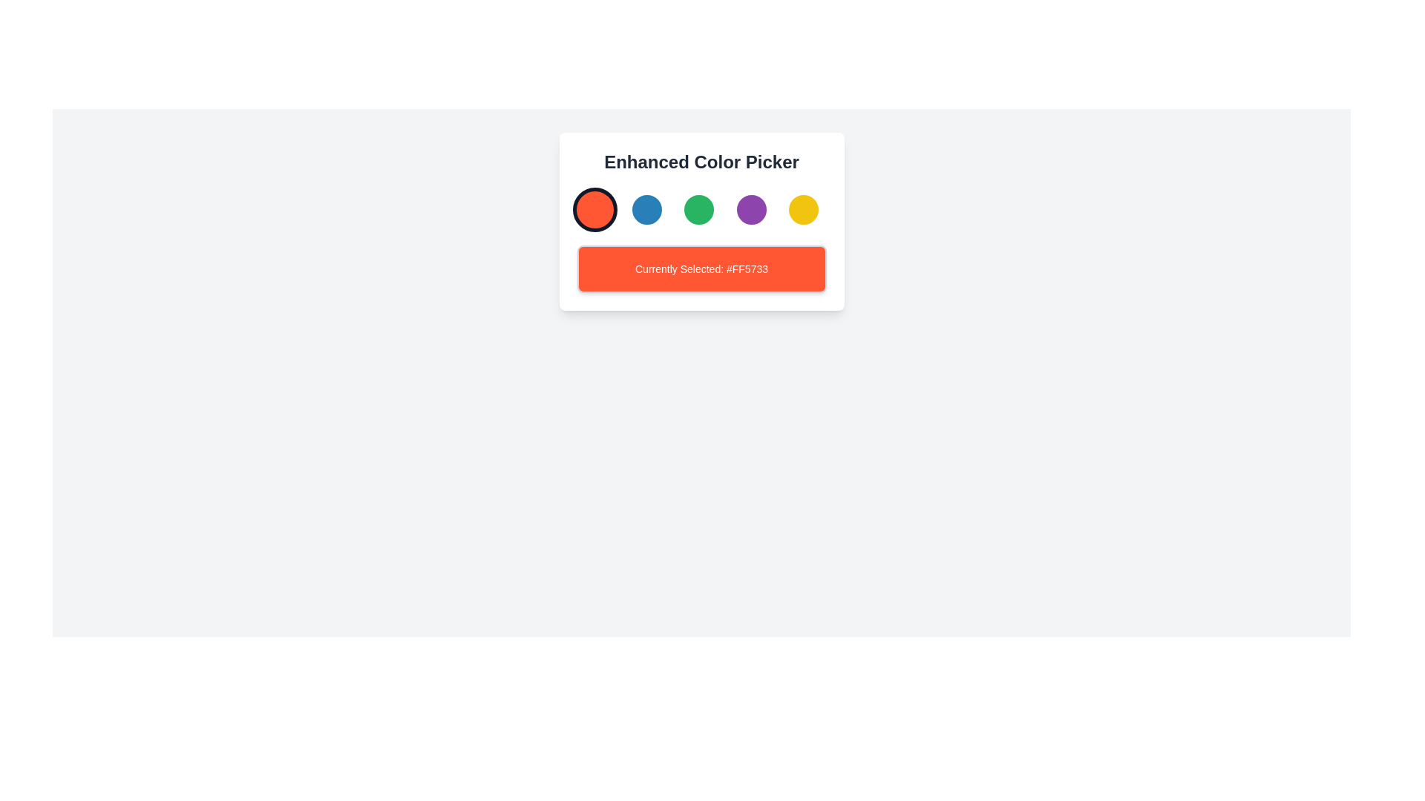  Describe the element at coordinates (701, 209) in the screenshot. I see `the third circular button in the 'Enhanced Color Picker'` at that location.